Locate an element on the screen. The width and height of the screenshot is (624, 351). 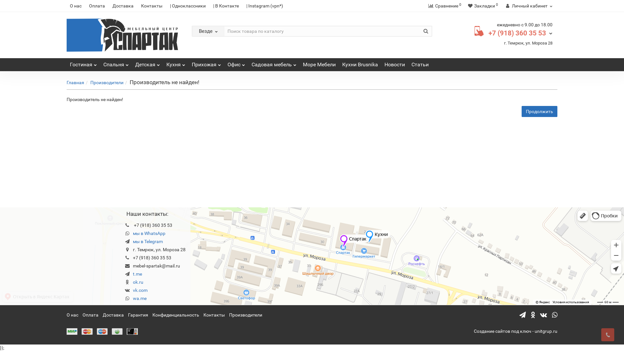
'| Instagram (vpn*)' is located at coordinates (265, 6).